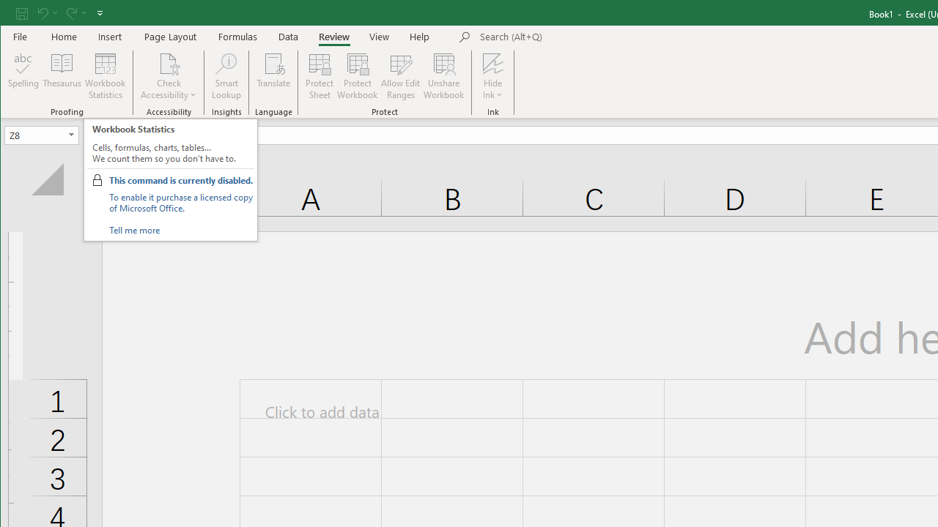  Describe the element at coordinates (169, 76) in the screenshot. I see `'Check Accessibility'` at that location.